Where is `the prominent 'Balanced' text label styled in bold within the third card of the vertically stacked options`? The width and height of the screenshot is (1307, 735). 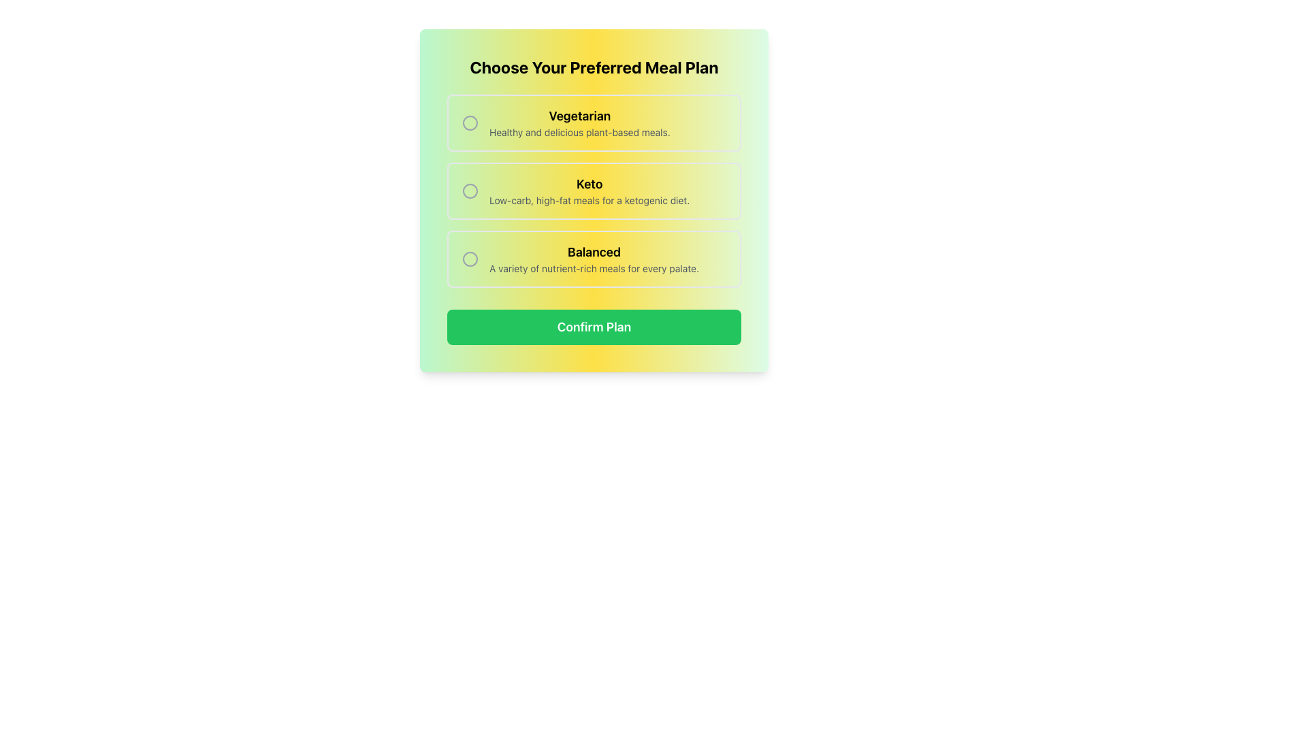
the prominent 'Balanced' text label styled in bold within the third card of the vertically stacked options is located at coordinates (594, 252).